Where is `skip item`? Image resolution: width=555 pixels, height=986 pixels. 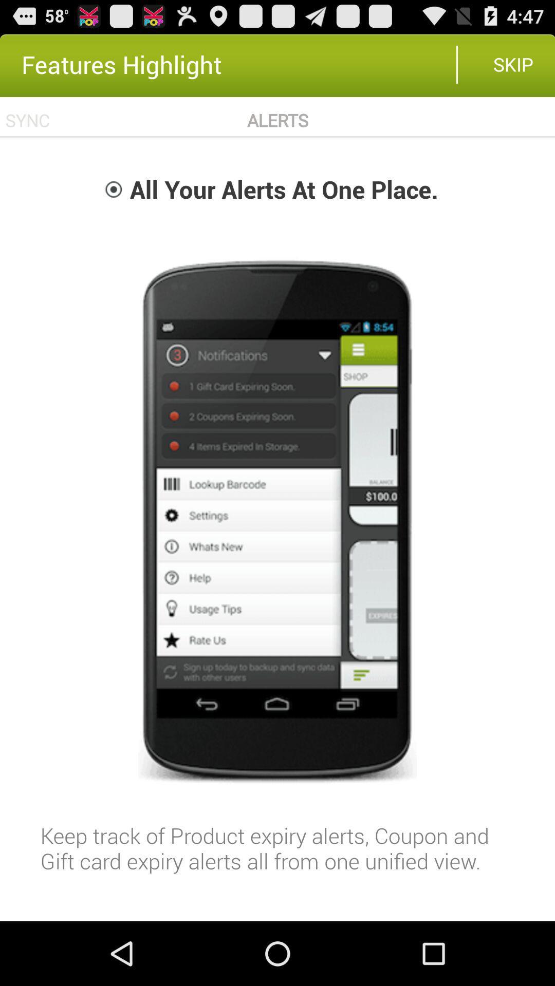
skip item is located at coordinates (513, 64).